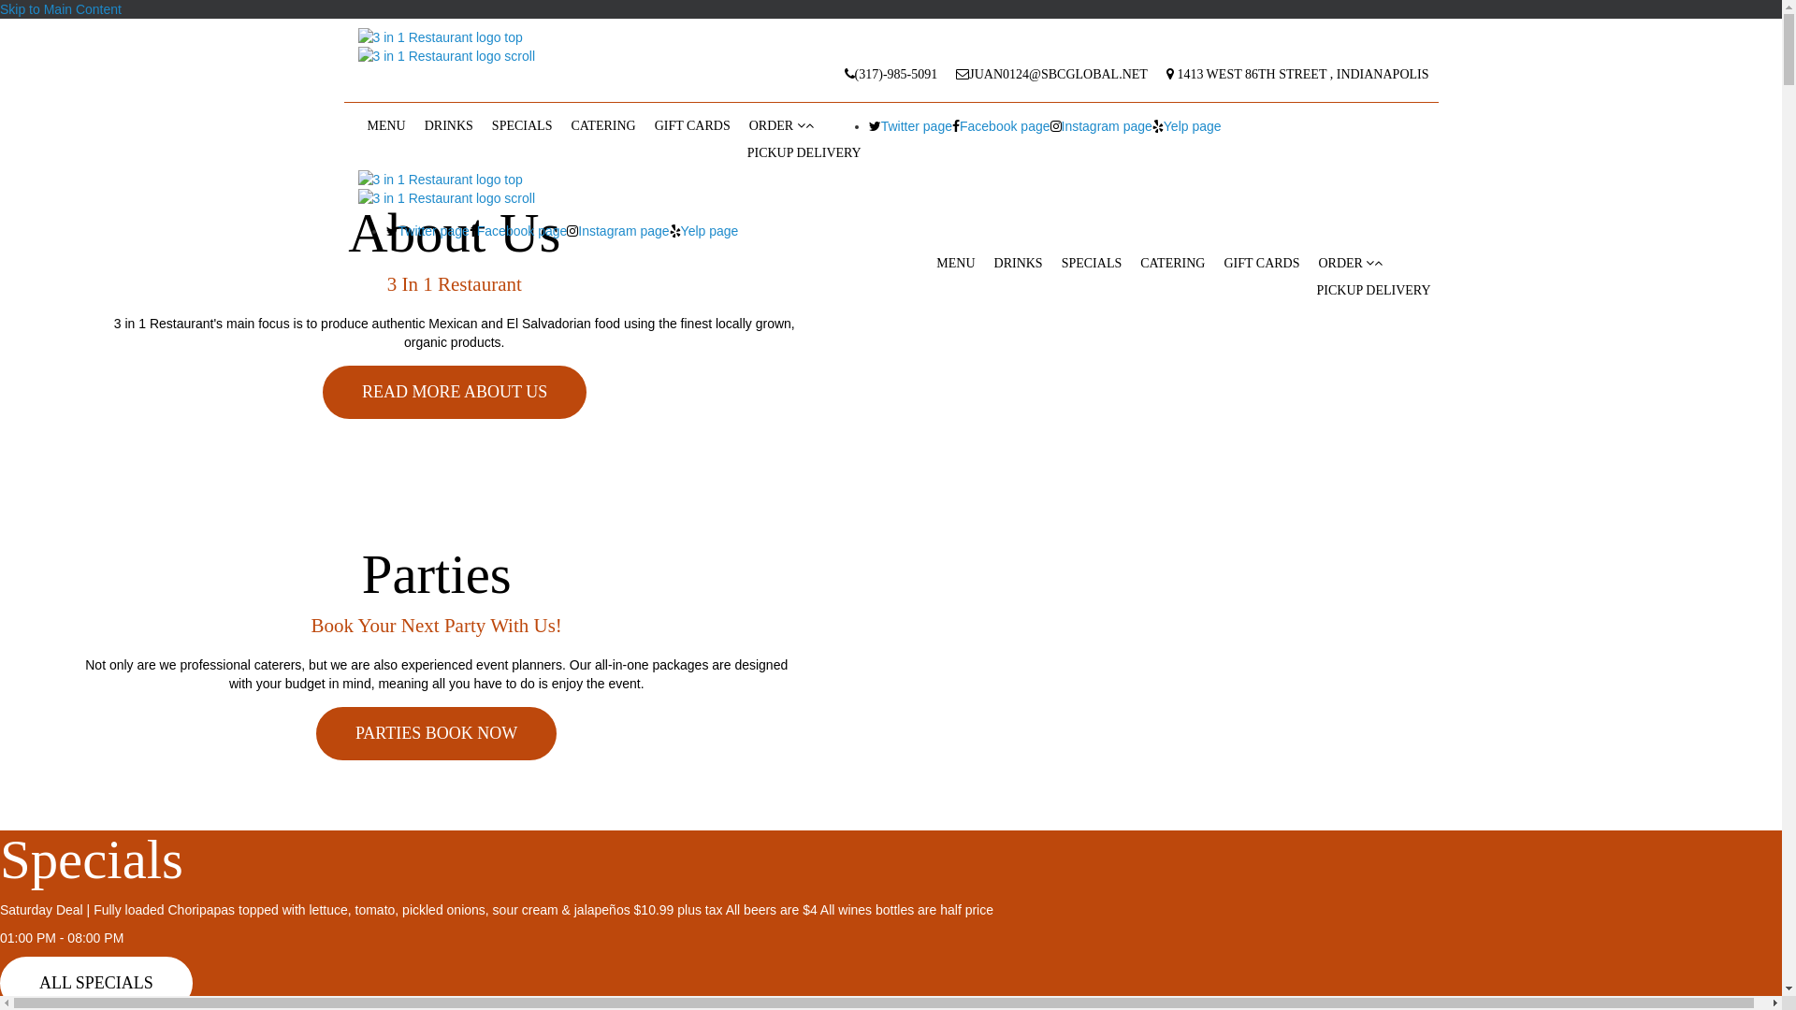 This screenshot has height=1010, width=1796. What do you see at coordinates (1340, 290) in the screenshot?
I see `'PICKUP'` at bounding box center [1340, 290].